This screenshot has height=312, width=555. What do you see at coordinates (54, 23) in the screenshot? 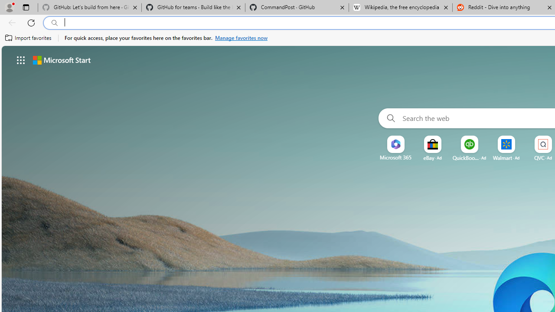
I see `'Search icon'` at bounding box center [54, 23].